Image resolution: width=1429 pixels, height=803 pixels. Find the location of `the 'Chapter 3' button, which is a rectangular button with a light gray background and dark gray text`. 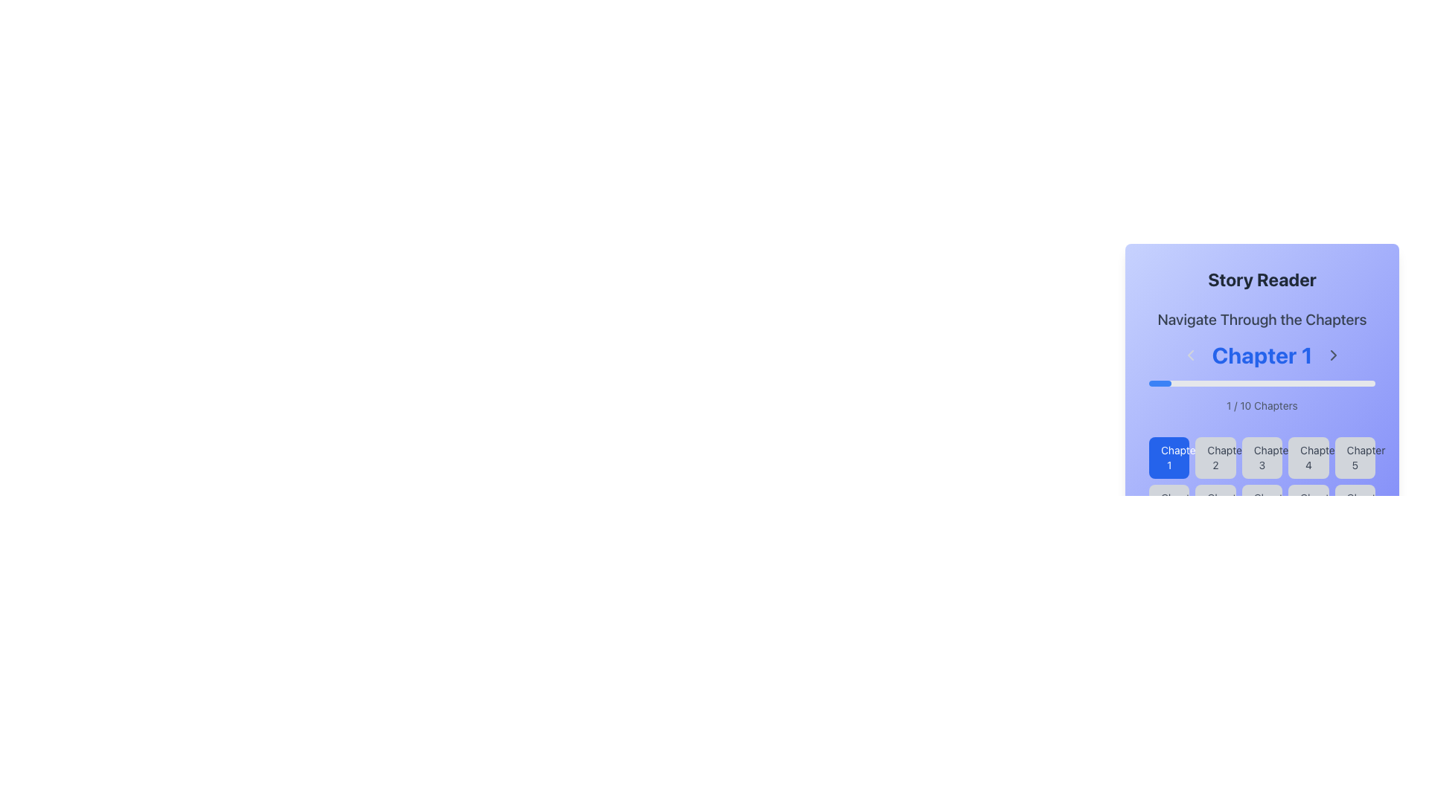

the 'Chapter 3' button, which is a rectangular button with a light gray background and dark gray text is located at coordinates (1261, 457).